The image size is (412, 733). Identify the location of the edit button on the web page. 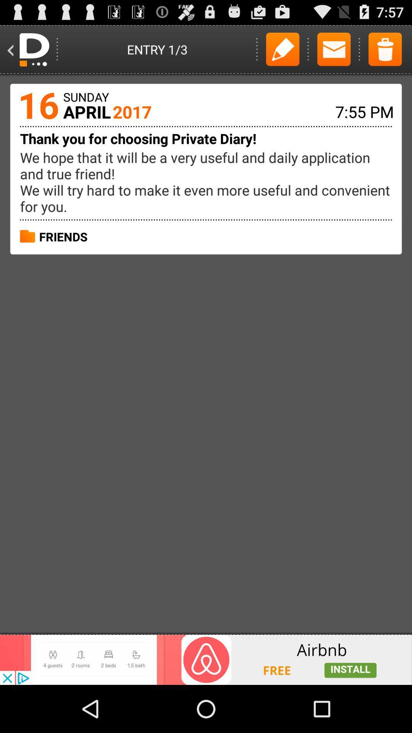
(283, 49).